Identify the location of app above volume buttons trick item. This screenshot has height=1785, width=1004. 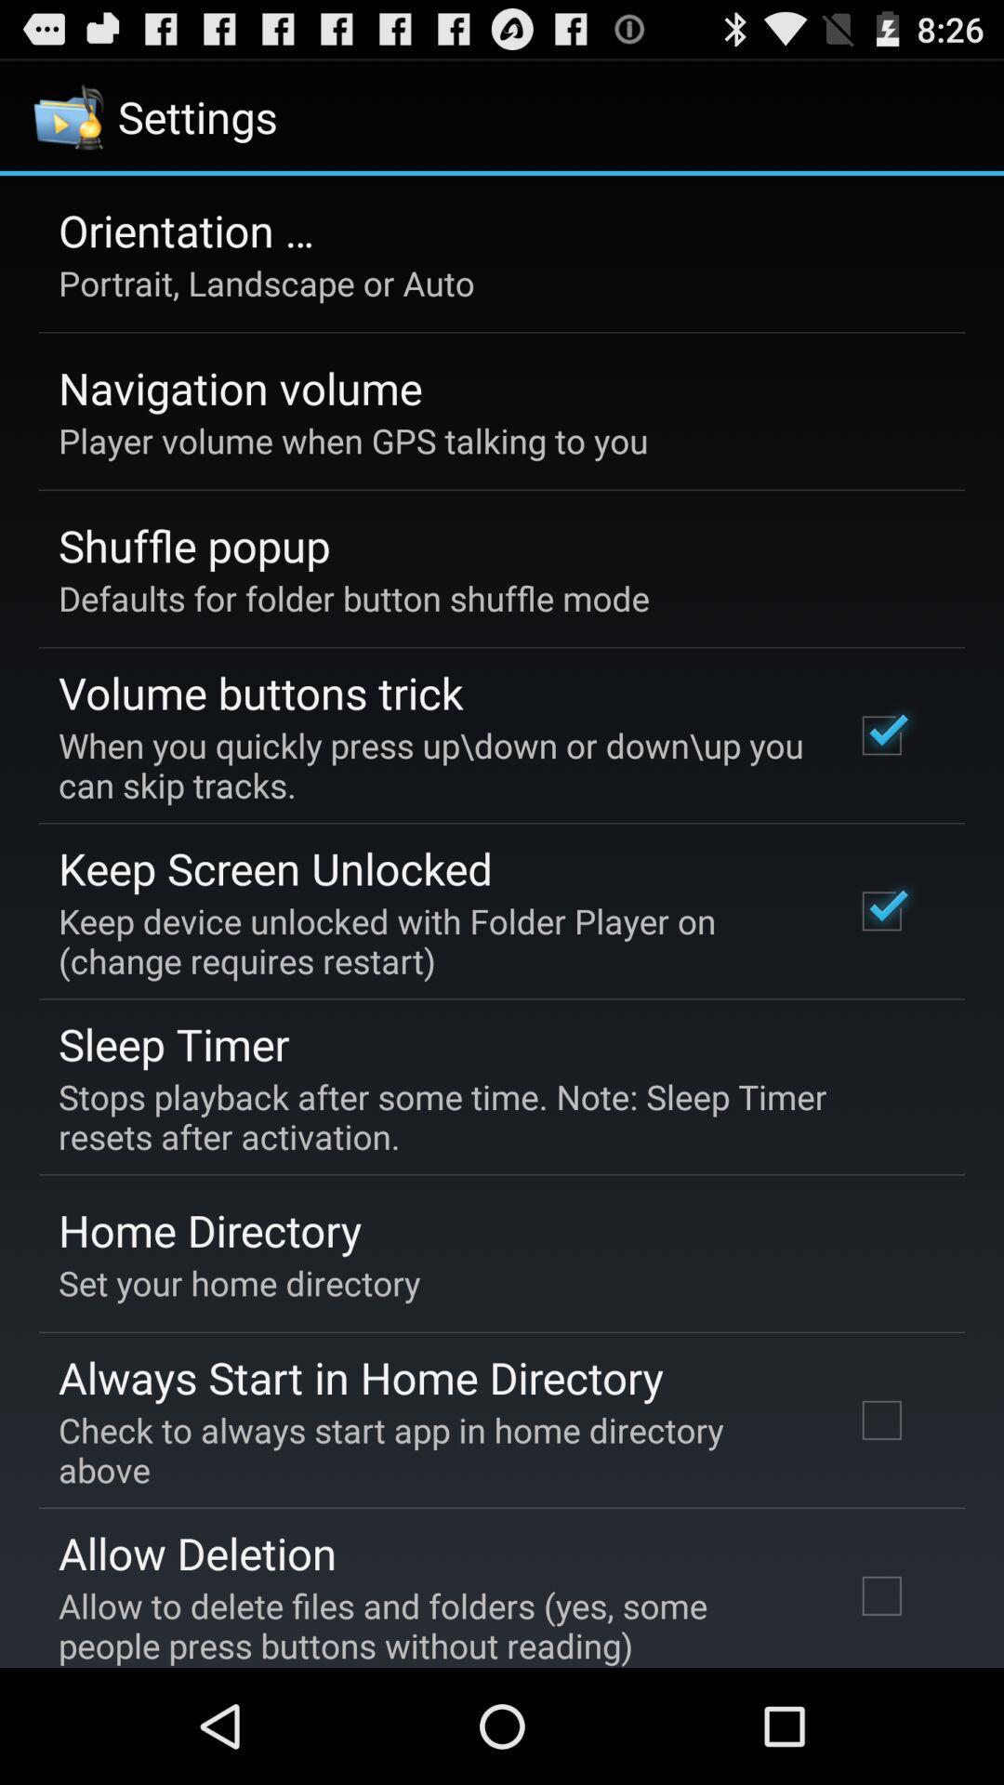
(354, 598).